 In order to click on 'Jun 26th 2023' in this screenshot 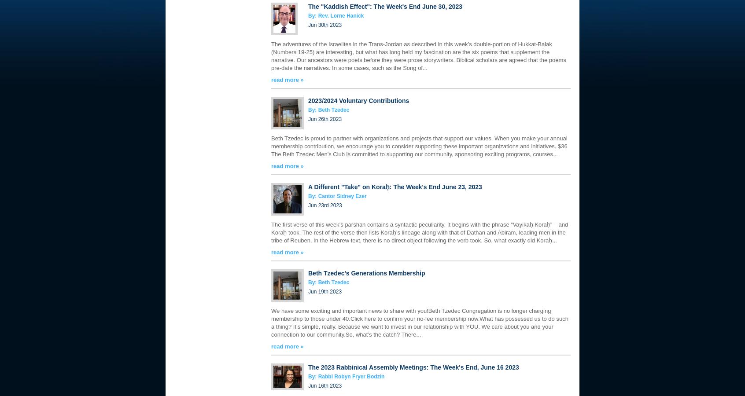, I will do `click(325, 118)`.